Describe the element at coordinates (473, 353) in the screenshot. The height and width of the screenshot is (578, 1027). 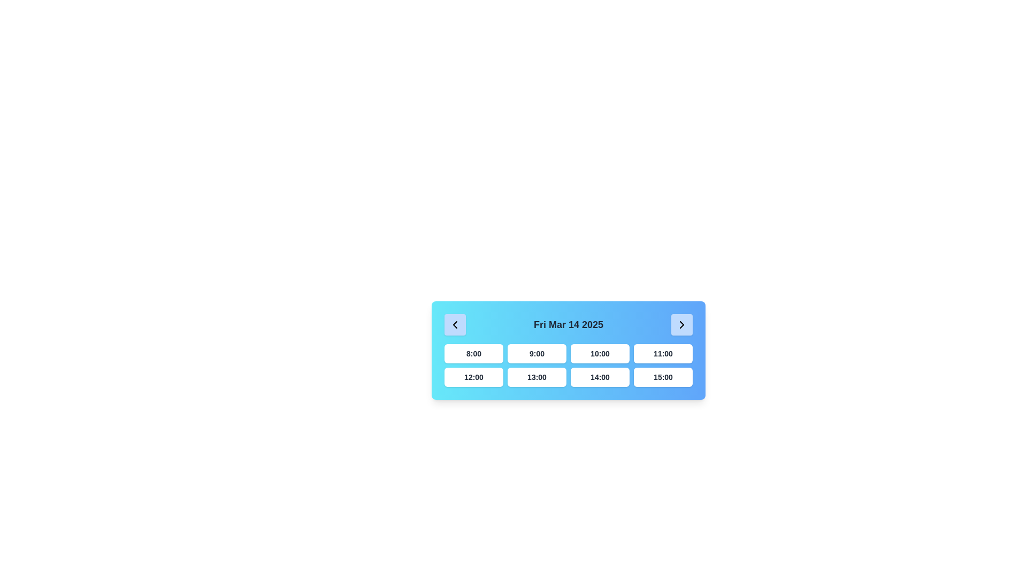
I see `the button labeled '8:00' located in the upper-left corner of the grid` at that location.